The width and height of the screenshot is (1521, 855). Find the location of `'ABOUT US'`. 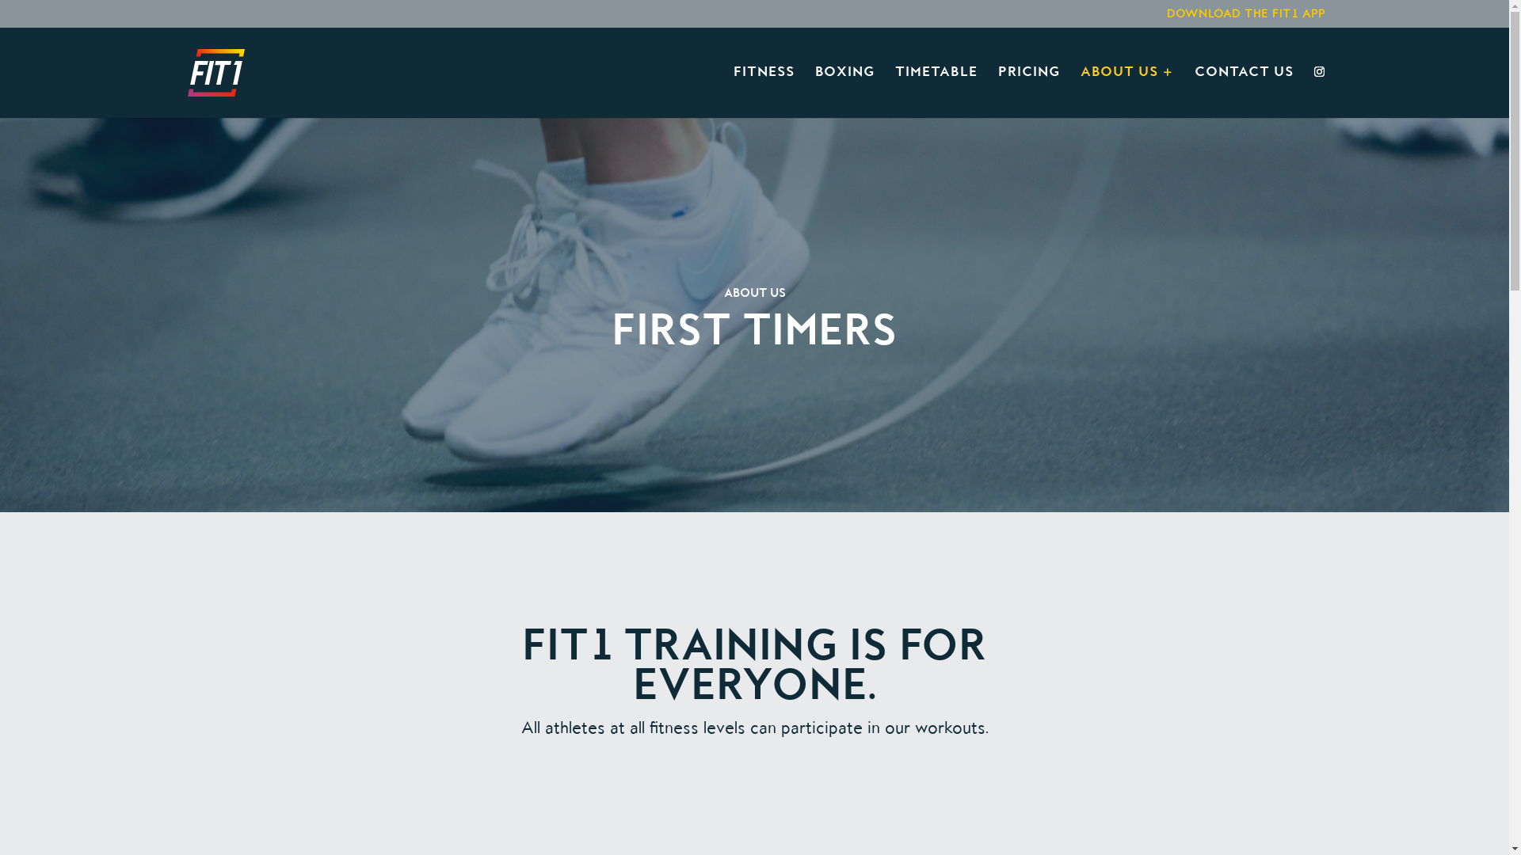

'ABOUT US' is located at coordinates (1126, 92).